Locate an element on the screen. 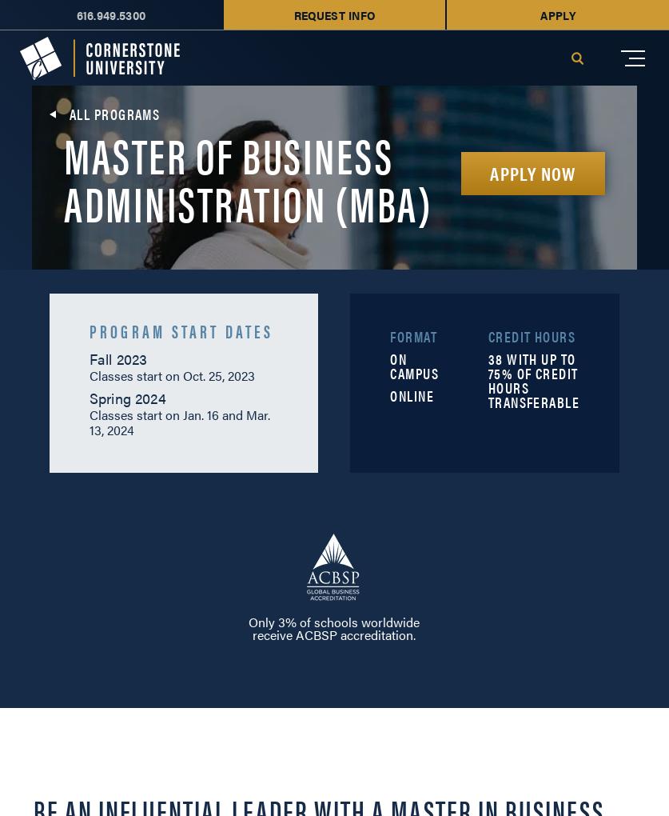  'Administration (MBA)' is located at coordinates (248, 201).